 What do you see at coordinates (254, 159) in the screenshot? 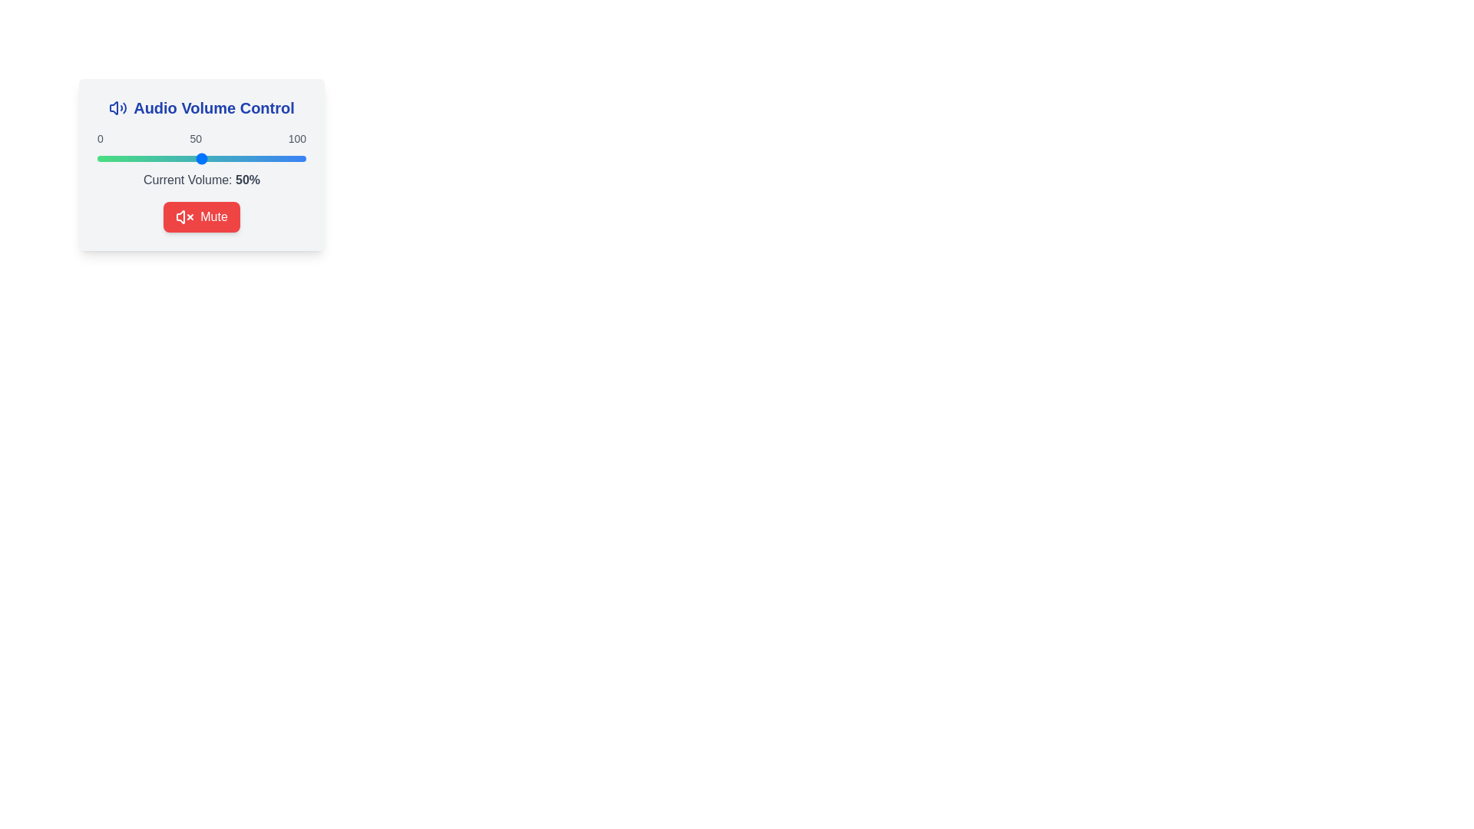
I see `the volume slider to set the volume to 75%` at bounding box center [254, 159].